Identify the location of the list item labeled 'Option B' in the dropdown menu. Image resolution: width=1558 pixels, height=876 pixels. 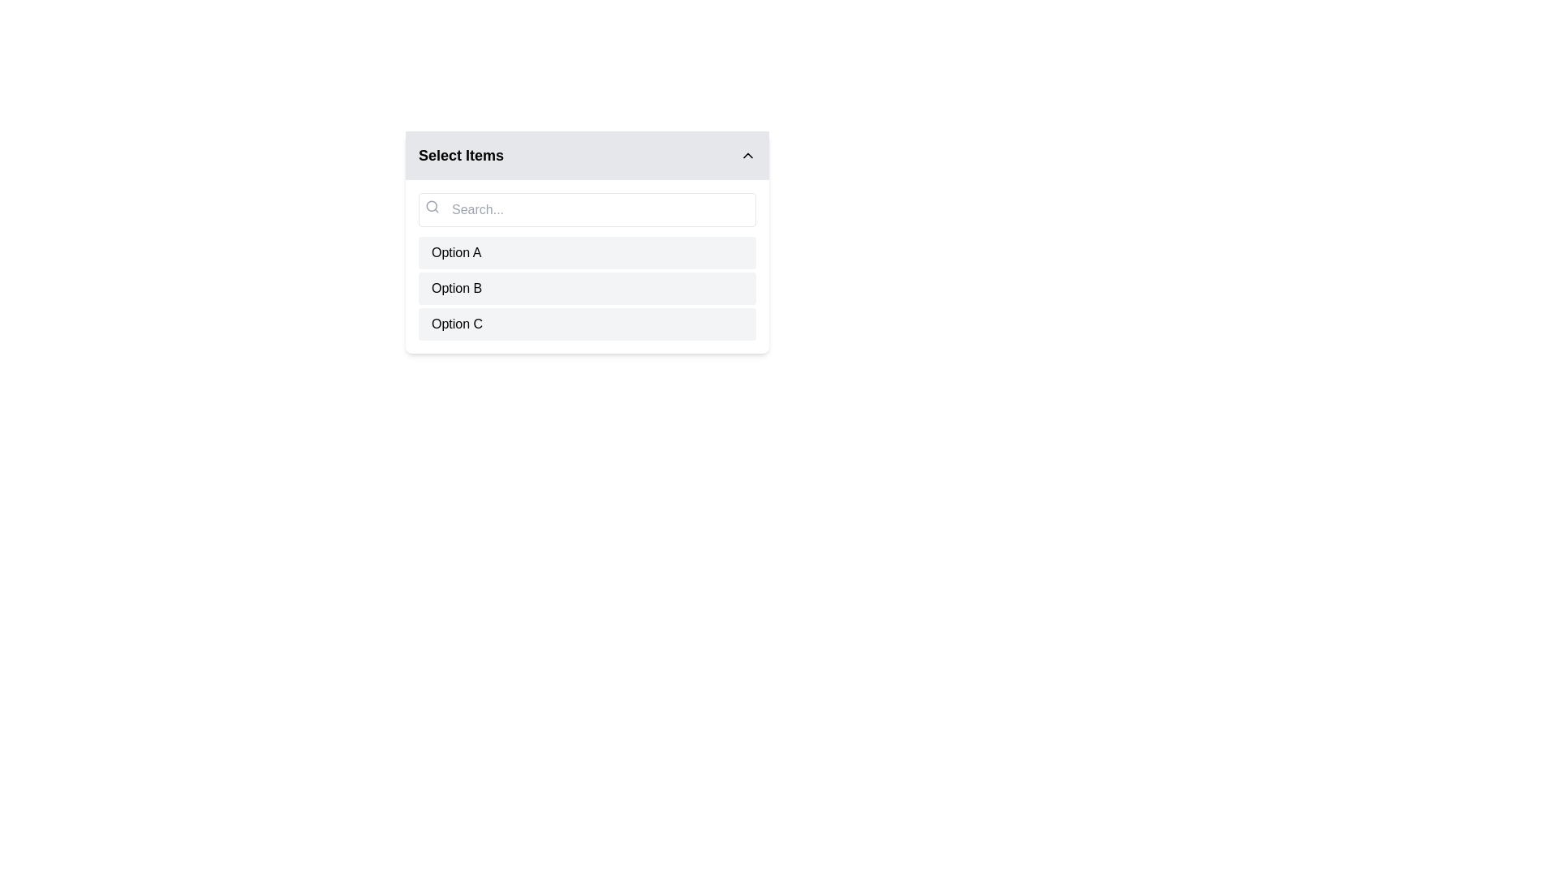
(587, 287).